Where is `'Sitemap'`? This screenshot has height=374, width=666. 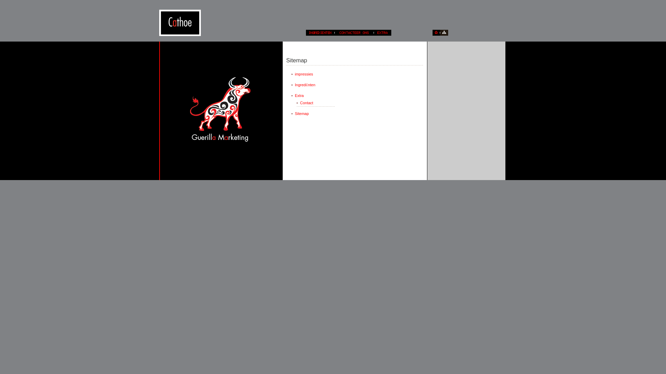
'Sitemap' is located at coordinates (310, 113).